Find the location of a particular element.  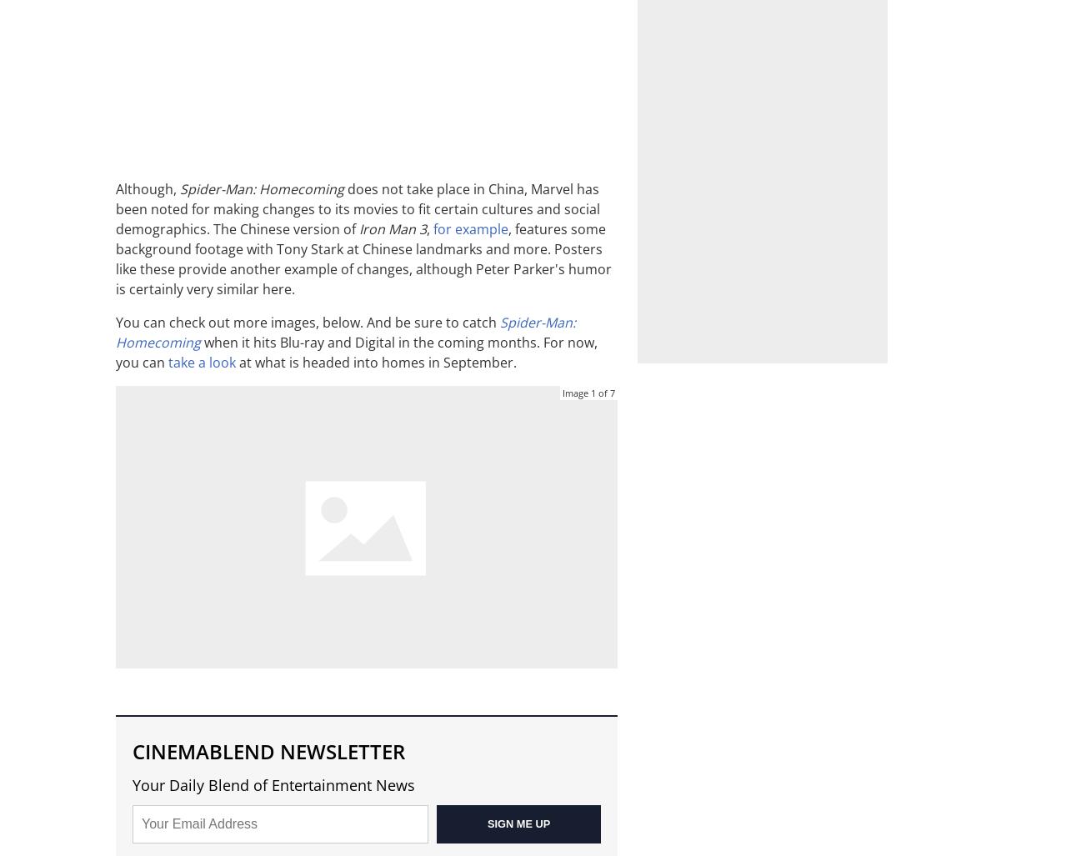

'for example' is located at coordinates (471, 229).